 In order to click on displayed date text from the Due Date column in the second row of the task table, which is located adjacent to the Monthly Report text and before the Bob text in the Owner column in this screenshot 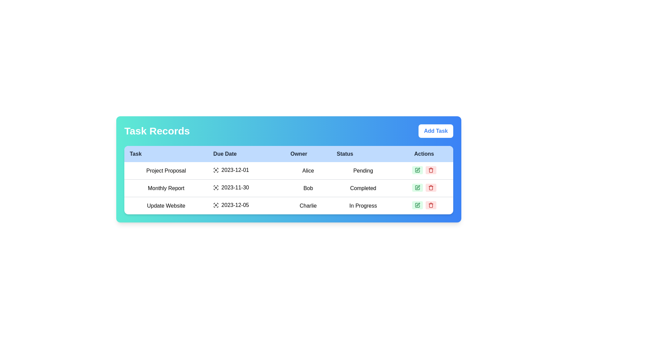, I will do `click(246, 187)`.